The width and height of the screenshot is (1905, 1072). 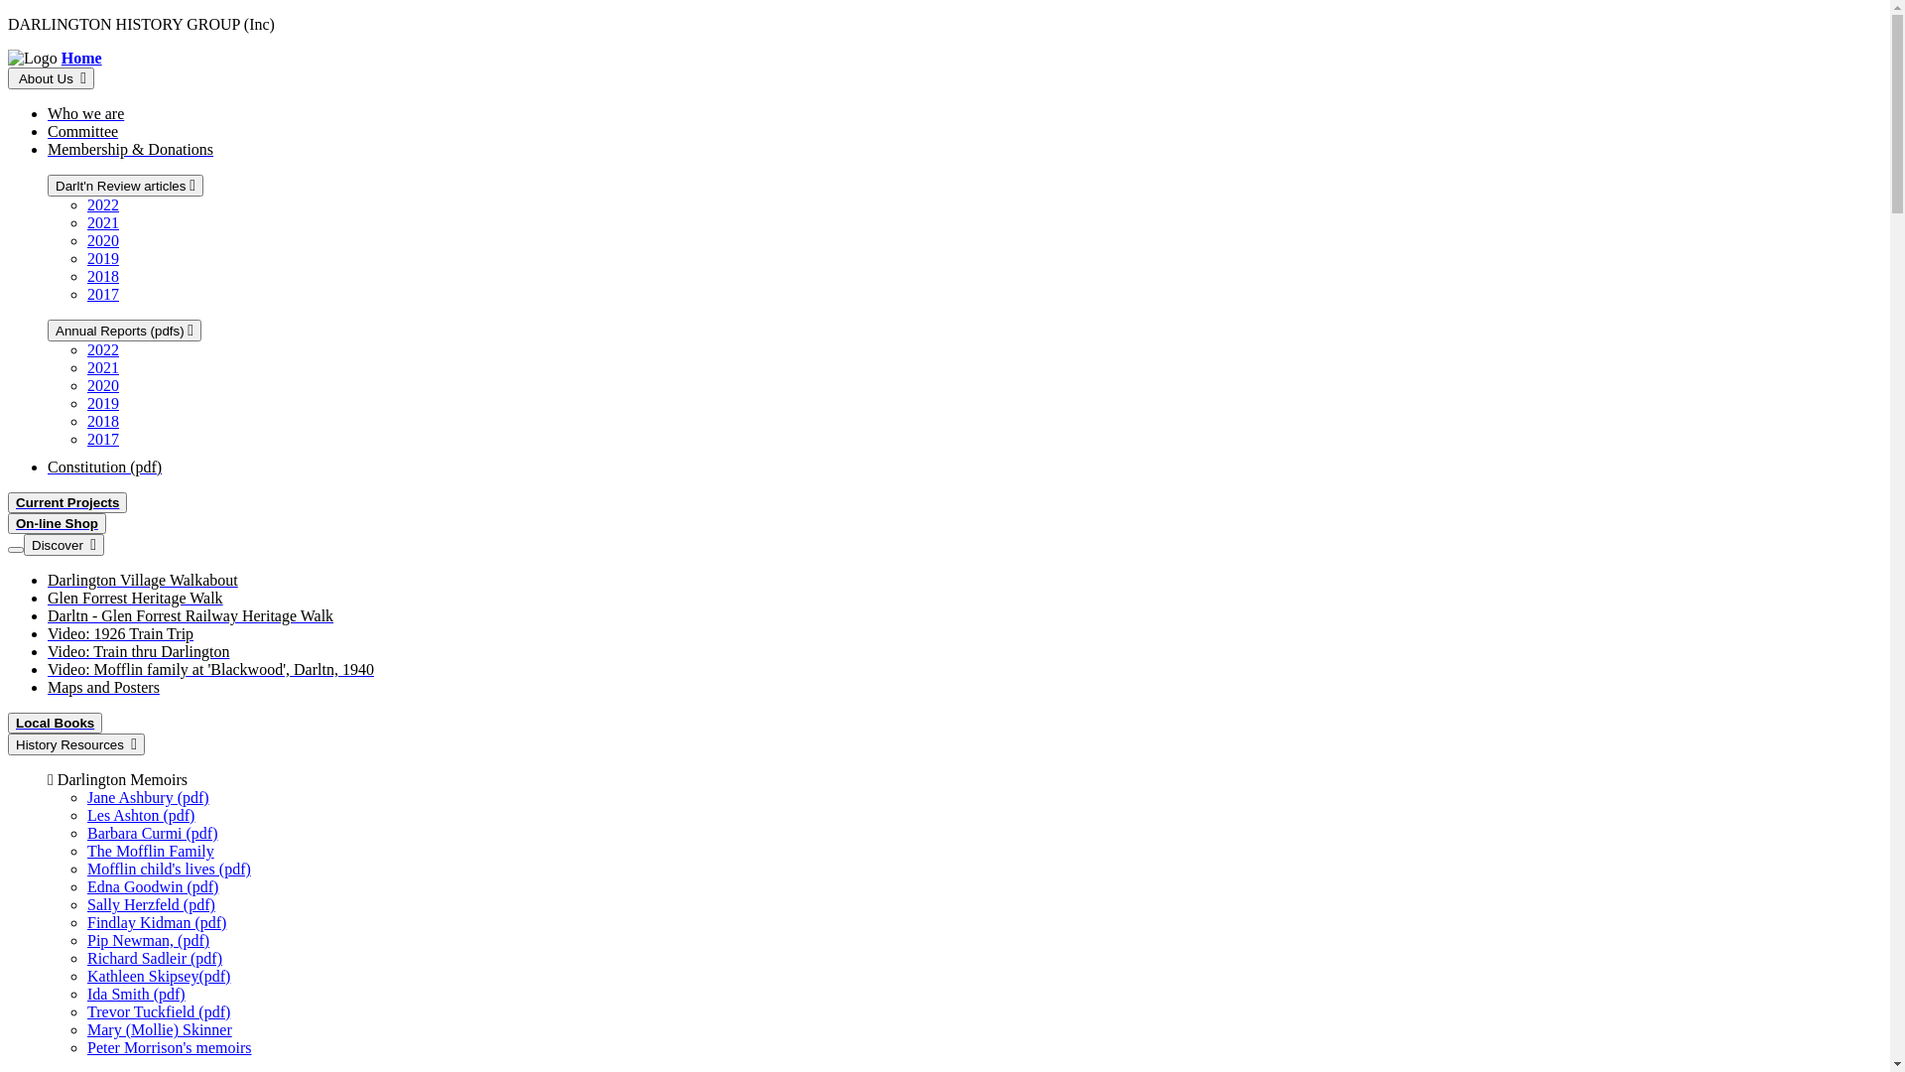 I want to click on 'Current Projects', so click(x=66, y=501).